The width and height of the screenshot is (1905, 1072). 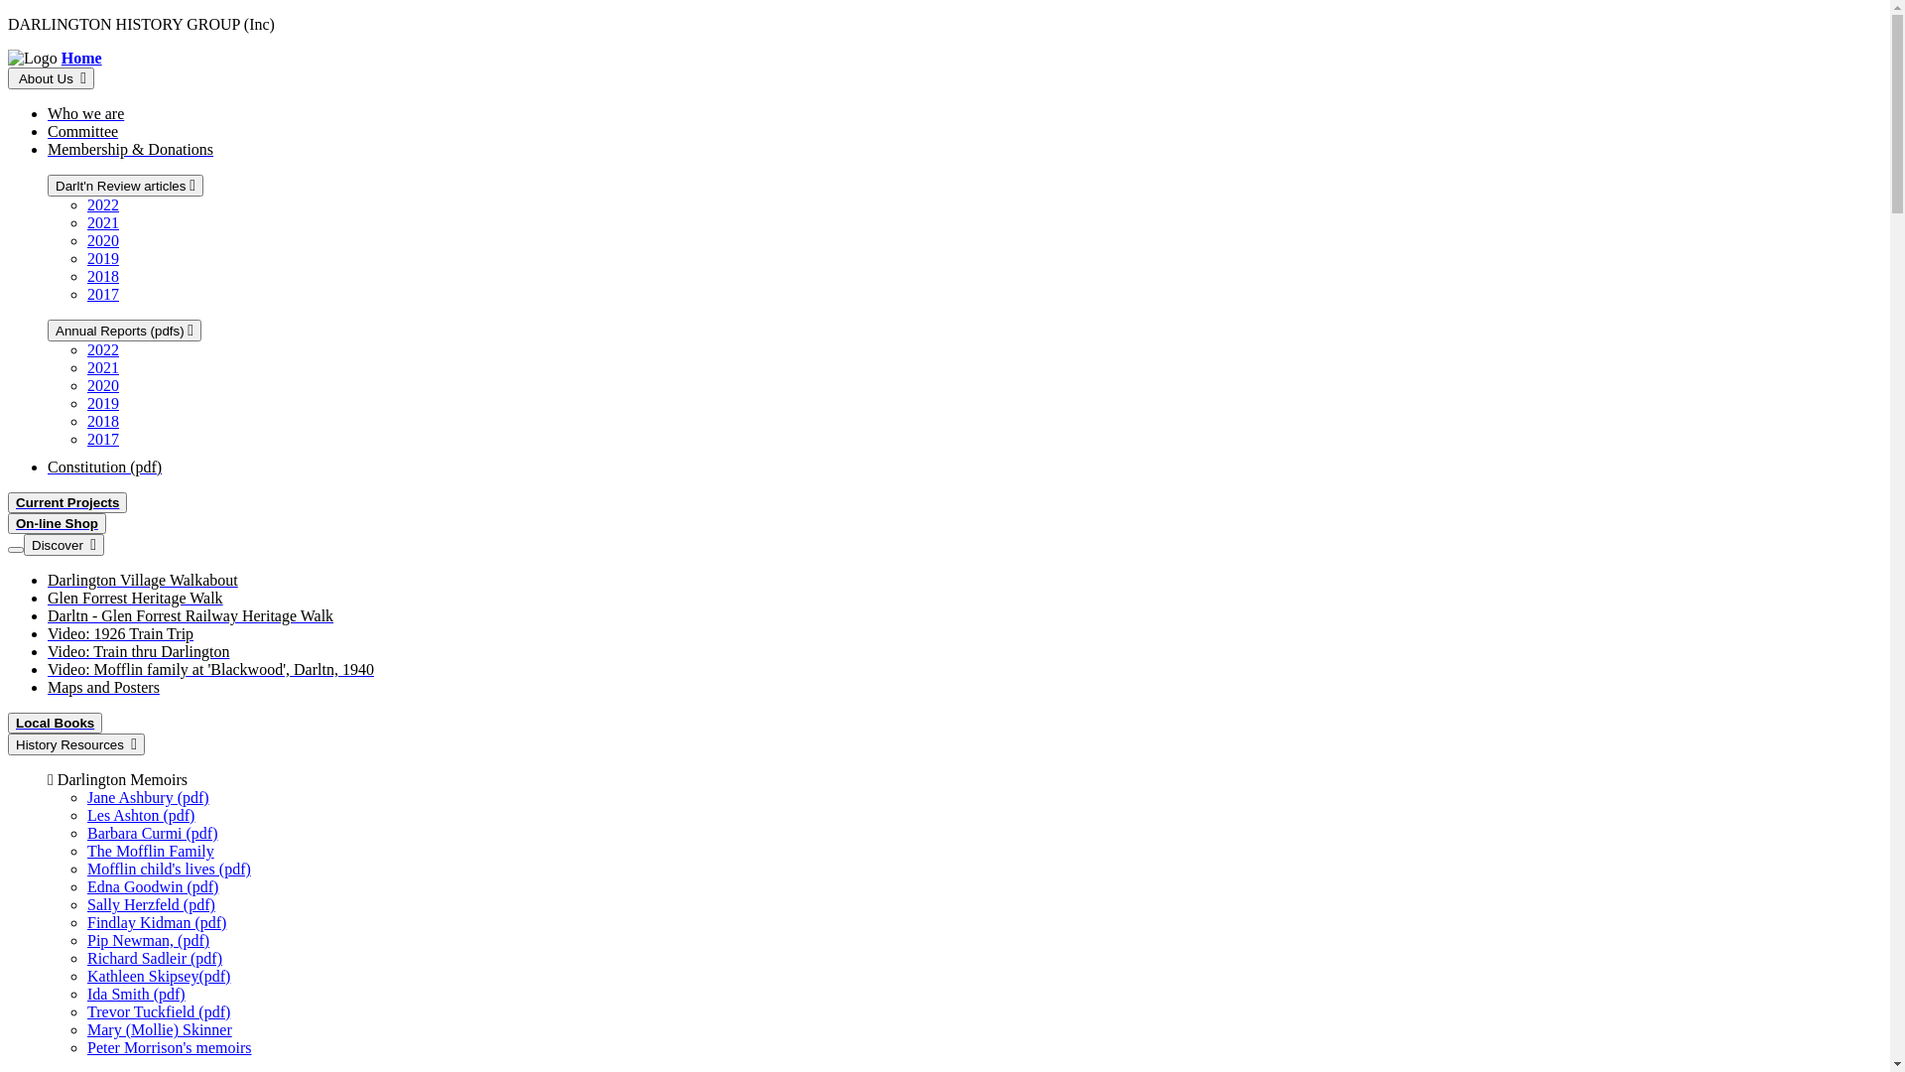 I want to click on 'Current Projects', so click(x=66, y=501).